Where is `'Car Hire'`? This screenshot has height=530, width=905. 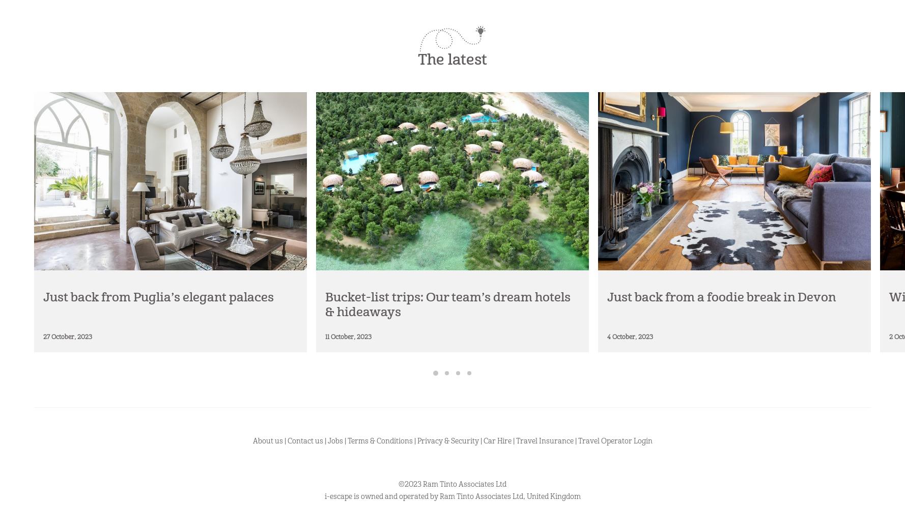 'Car Hire' is located at coordinates (496, 440).